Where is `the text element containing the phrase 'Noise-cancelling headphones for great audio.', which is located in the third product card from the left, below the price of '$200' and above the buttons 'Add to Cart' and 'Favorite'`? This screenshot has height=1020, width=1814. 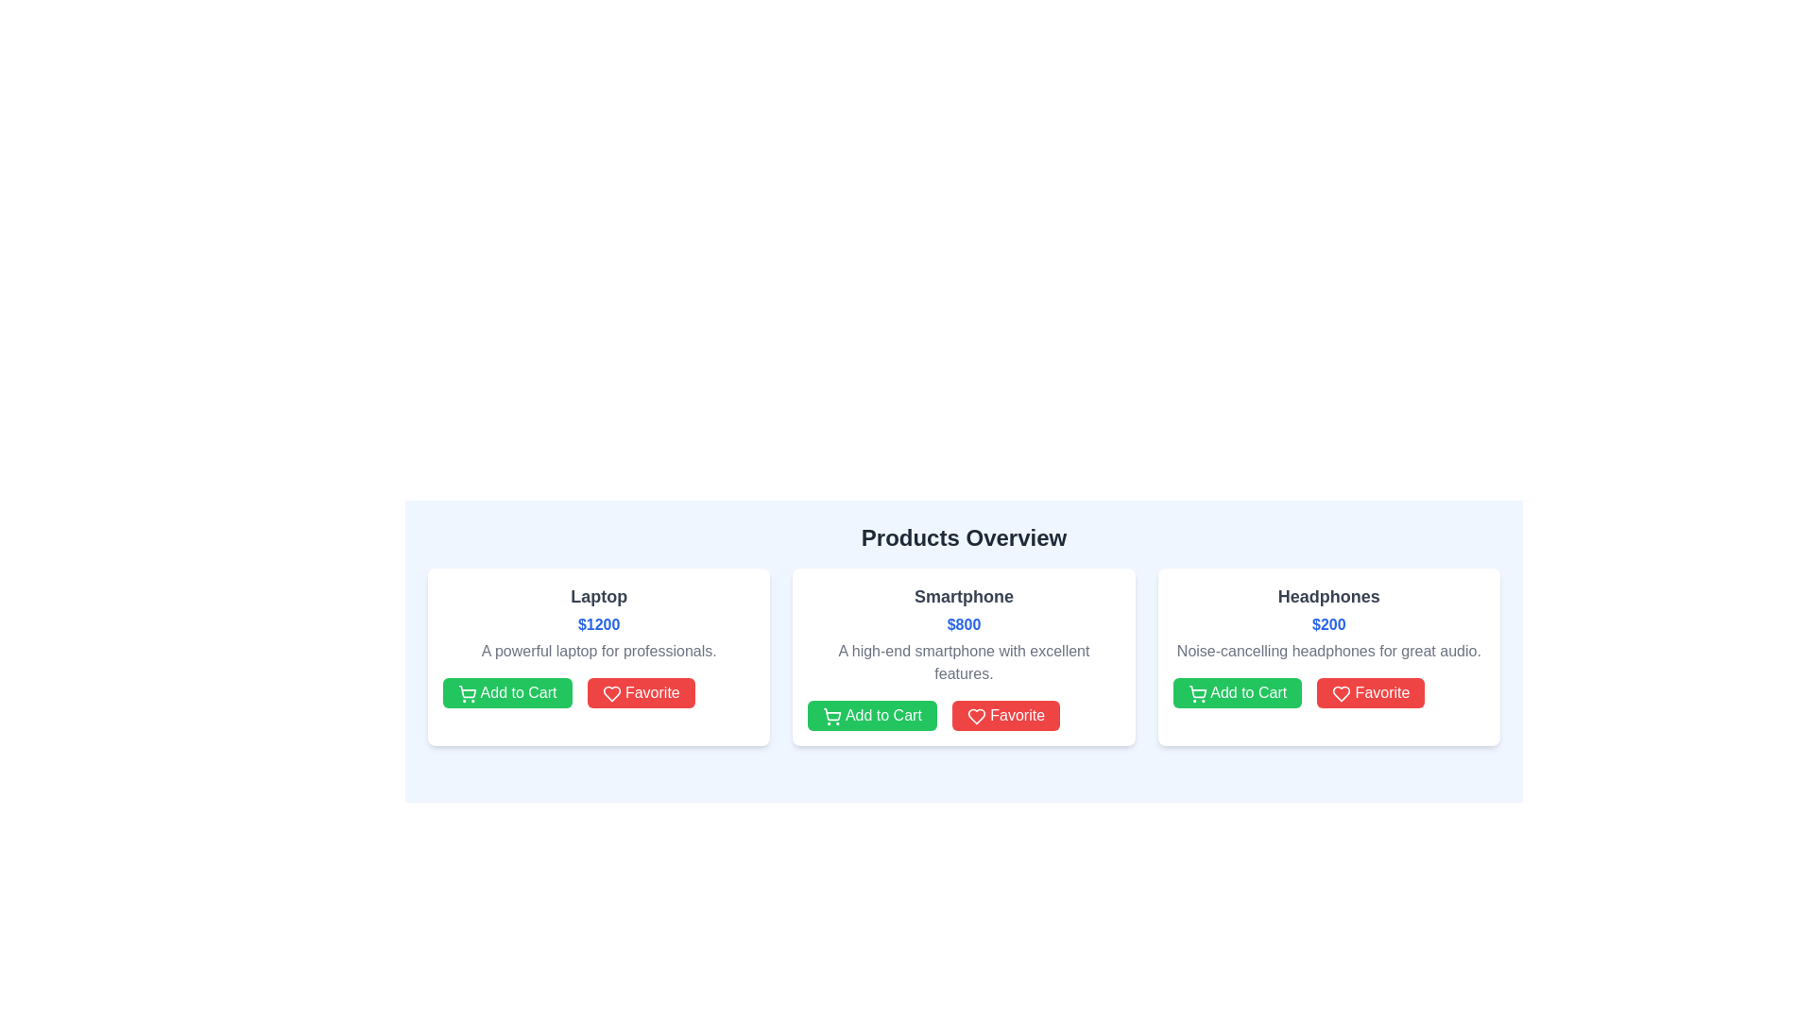 the text element containing the phrase 'Noise-cancelling headphones for great audio.', which is located in the third product card from the left, below the price of '$200' and above the buttons 'Add to Cart' and 'Favorite' is located at coordinates (1327, 651).